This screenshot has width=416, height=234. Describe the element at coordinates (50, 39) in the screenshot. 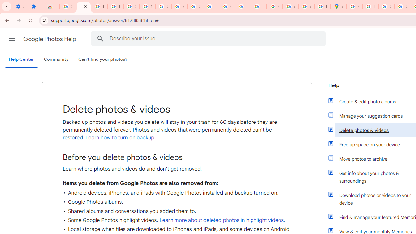

I see `'Google Photos Help'` at that location.